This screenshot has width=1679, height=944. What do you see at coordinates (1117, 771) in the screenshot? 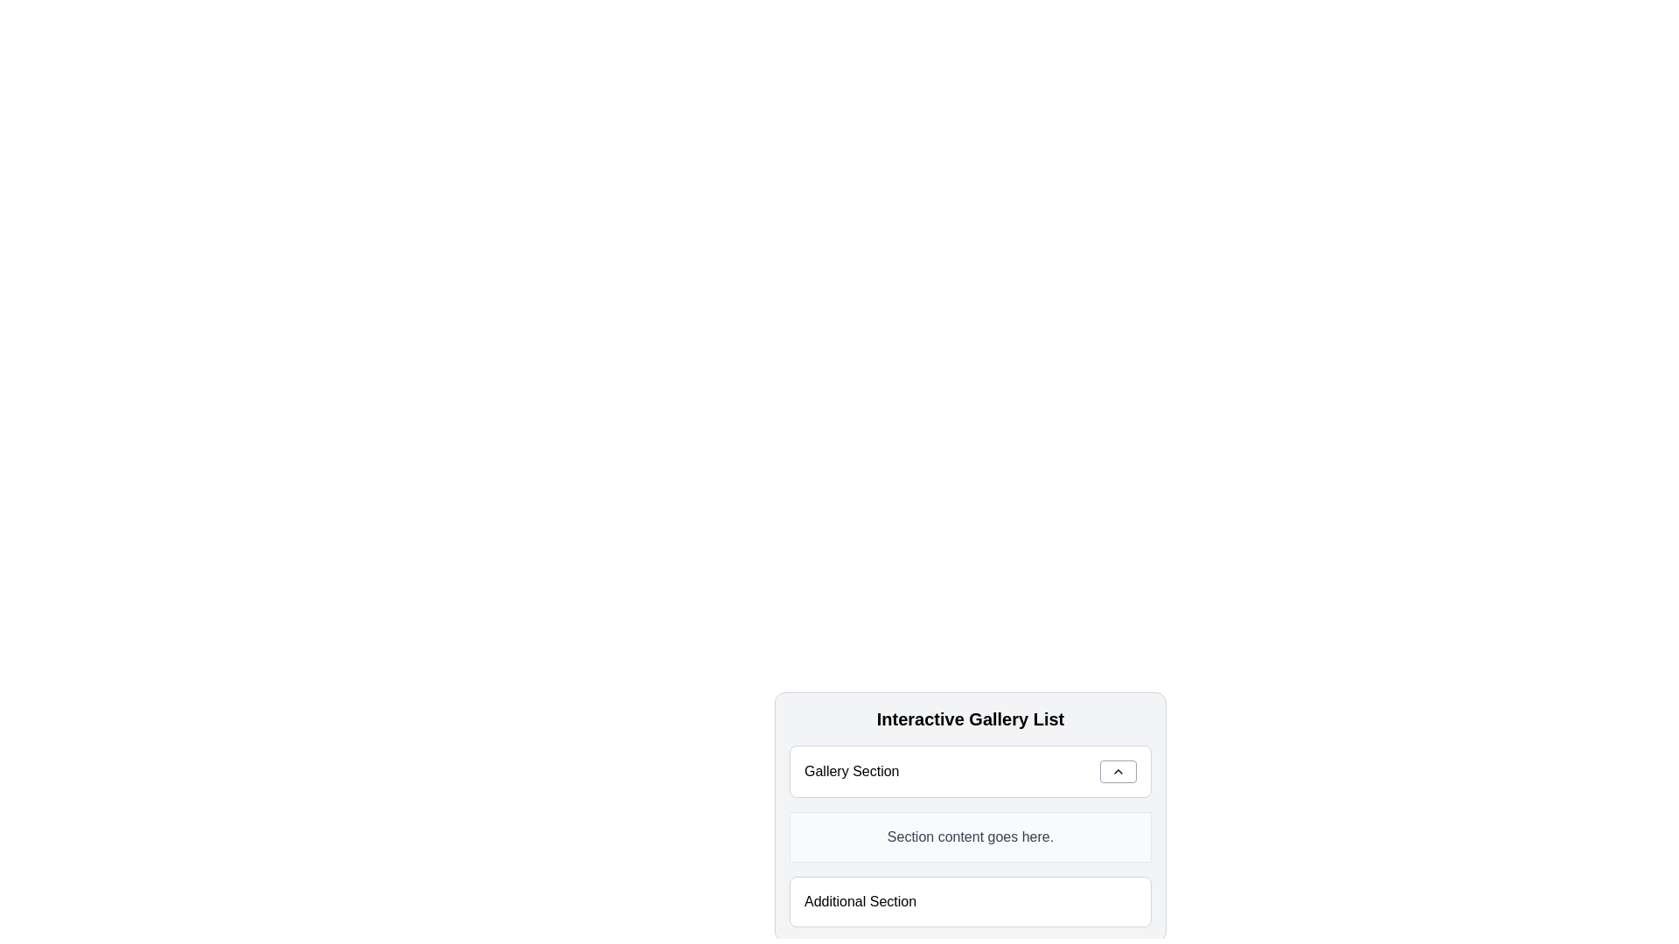
I see `the small upward triangle-shaped icon located in the top-right corner of the 'Gallery Section'` at bounding box center [1117, 771].